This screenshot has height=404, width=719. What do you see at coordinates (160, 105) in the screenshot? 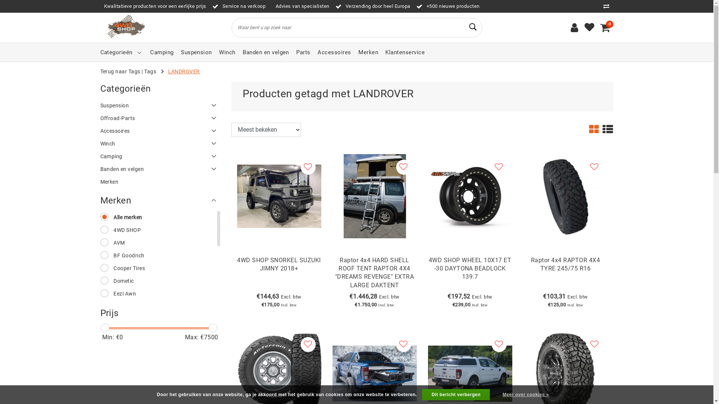
I see `'Suspension'` at bounding box center [160, 105].